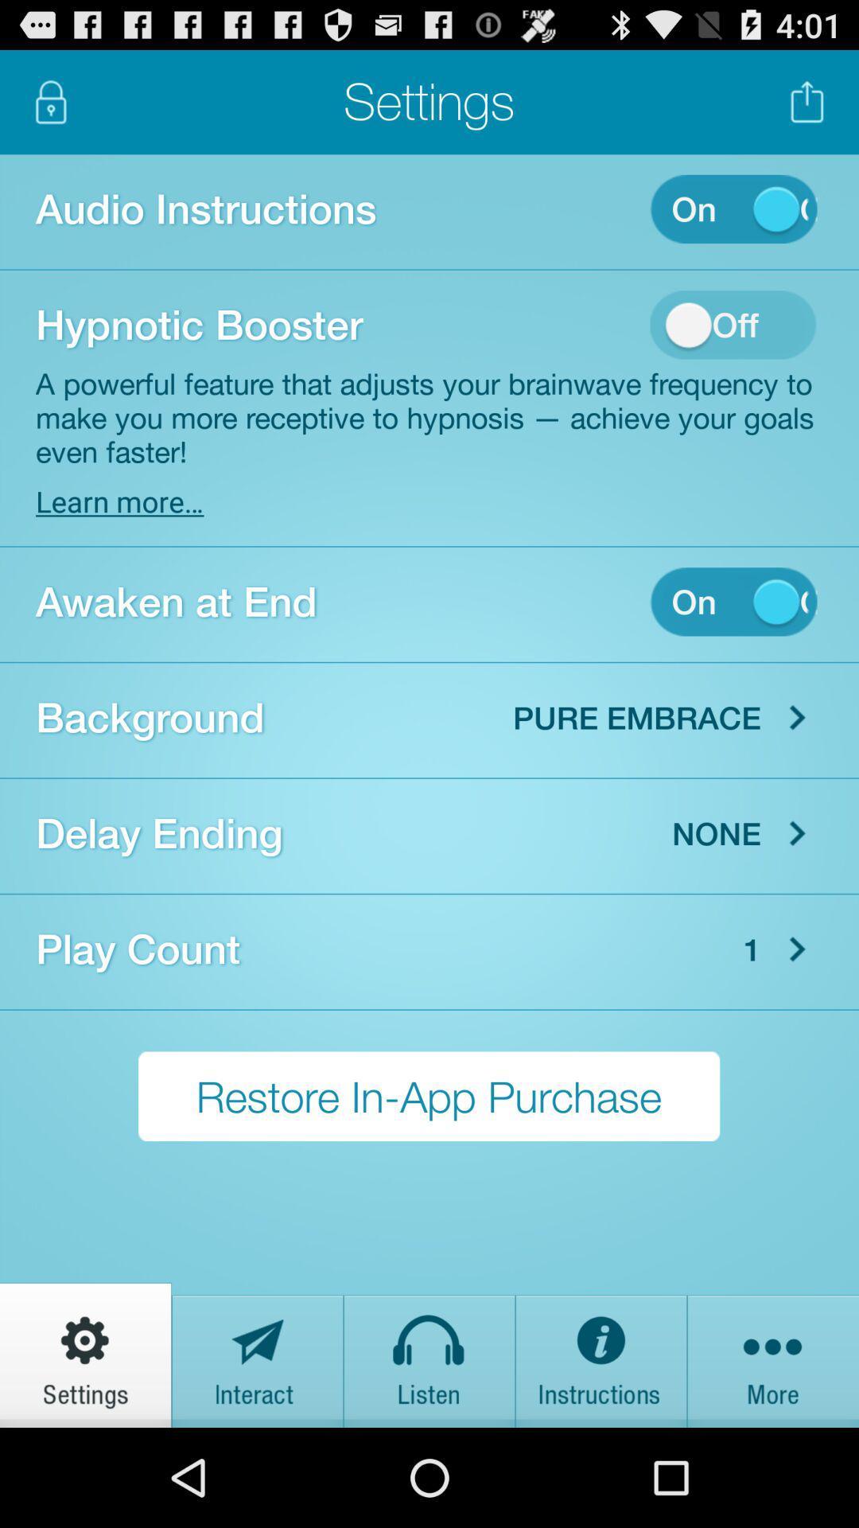  I want to click on the switch button right to awaken at end, so click(733, 601).